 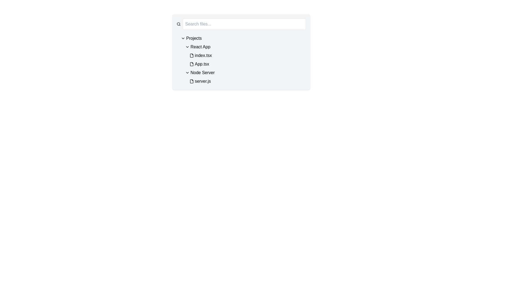 I want to click on the chevron-down icon located to the left of the text 'Node Server', so click(x=187, y=73).